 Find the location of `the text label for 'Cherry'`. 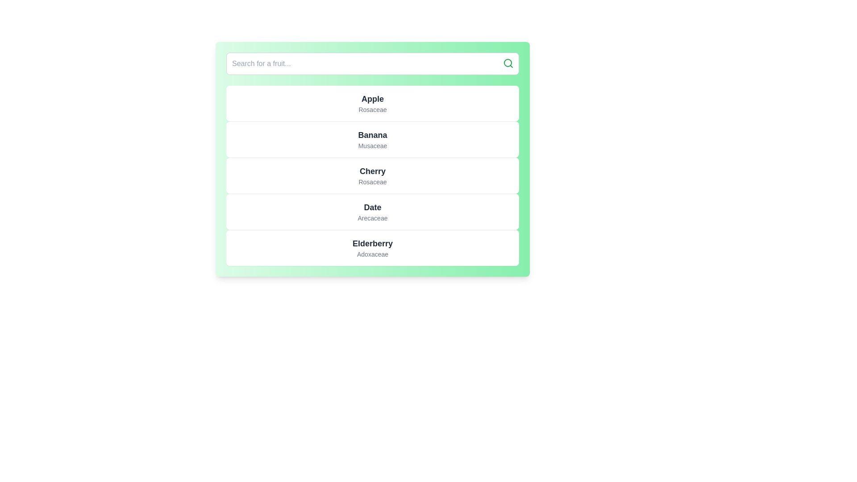

the text label for 'Cherry' is located at coordinates (373, 171).